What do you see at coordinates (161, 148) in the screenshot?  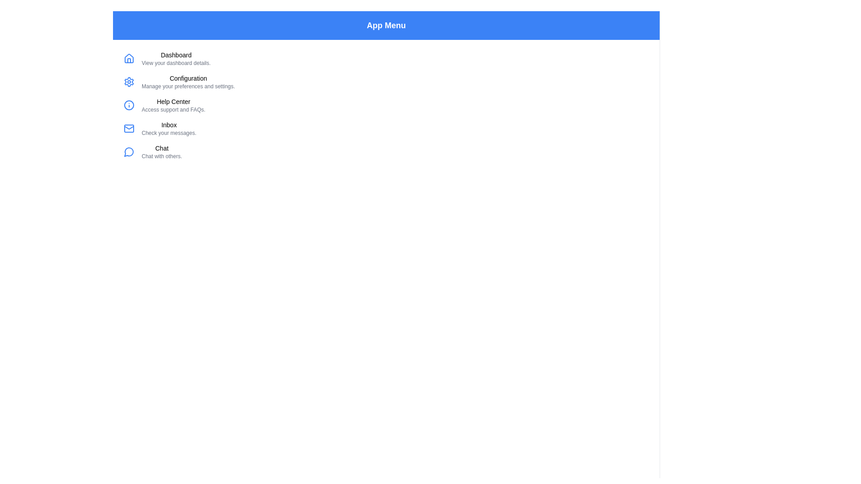 I see `text label that says 'Chat', which is styled in bold and located in the vertical menu of options` at bounding box center [161, 148].